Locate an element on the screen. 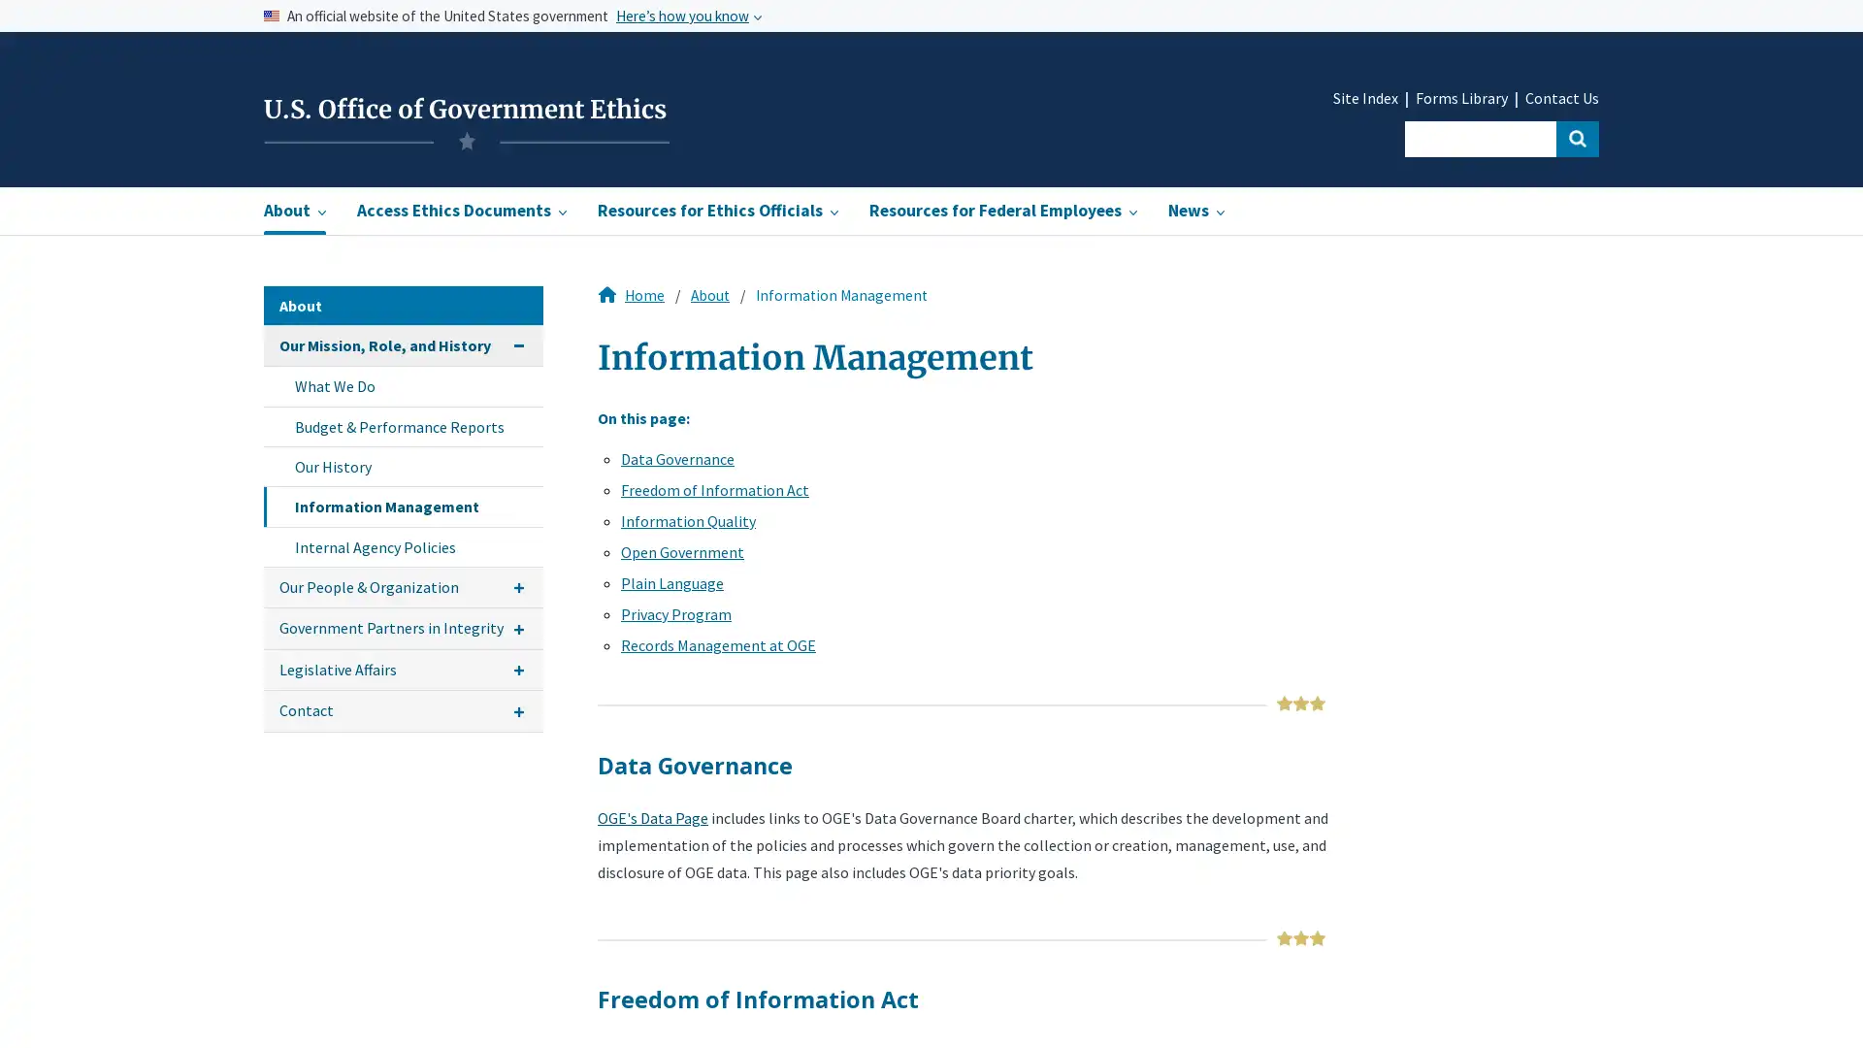  Heres how you know is located at coordinates (689, 16).